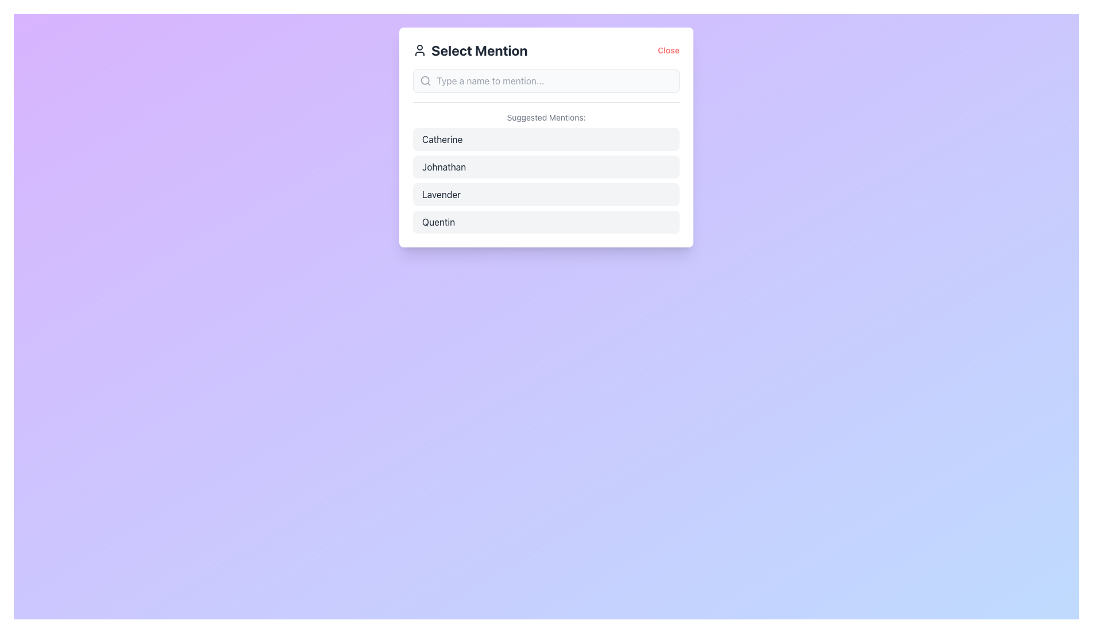 The height and width of the screenshot is (620, 1103). What do you see at coordinates (545, 222) in the screenshot?
I see `the 'Quentin' button, which is the fourth button in the 'Suggested Mentions' list` at bounding box center [545, 222].